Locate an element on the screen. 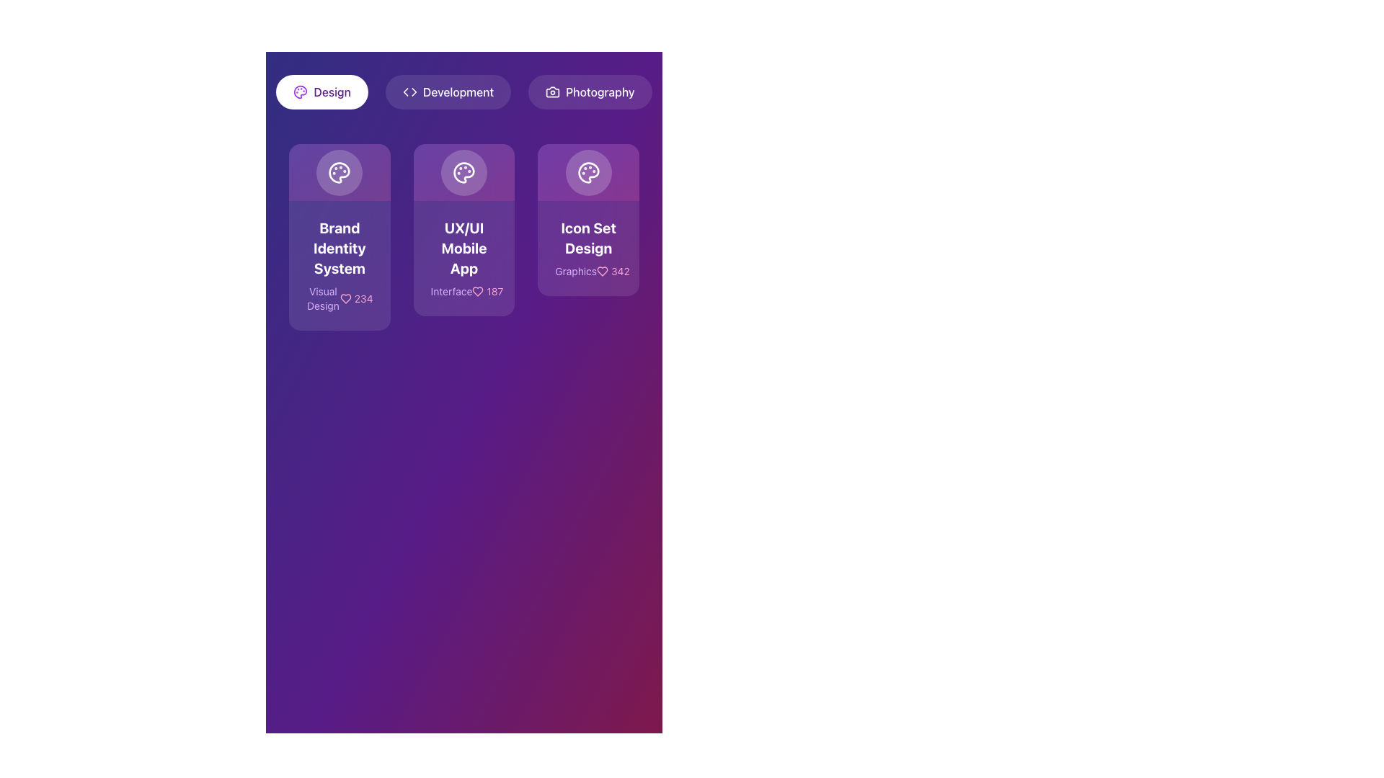 The image size is (1384, 778). information displayed in the text element located at the bottom part of the 'UX/UI Mobile App' card, which contains inline iconography is located at coordinates (463, 292).